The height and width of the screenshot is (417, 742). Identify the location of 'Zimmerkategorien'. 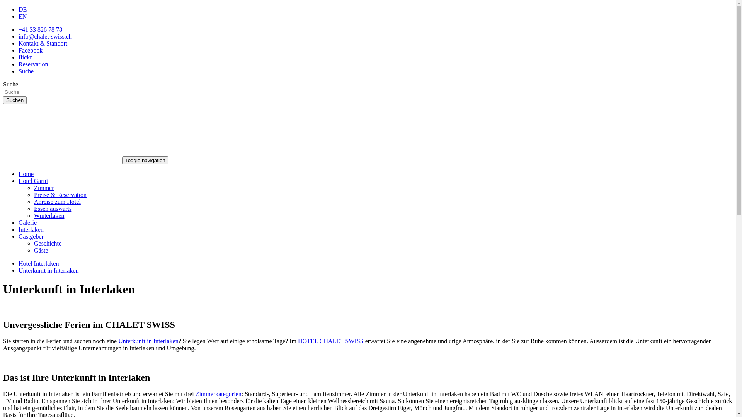
(195, 394).